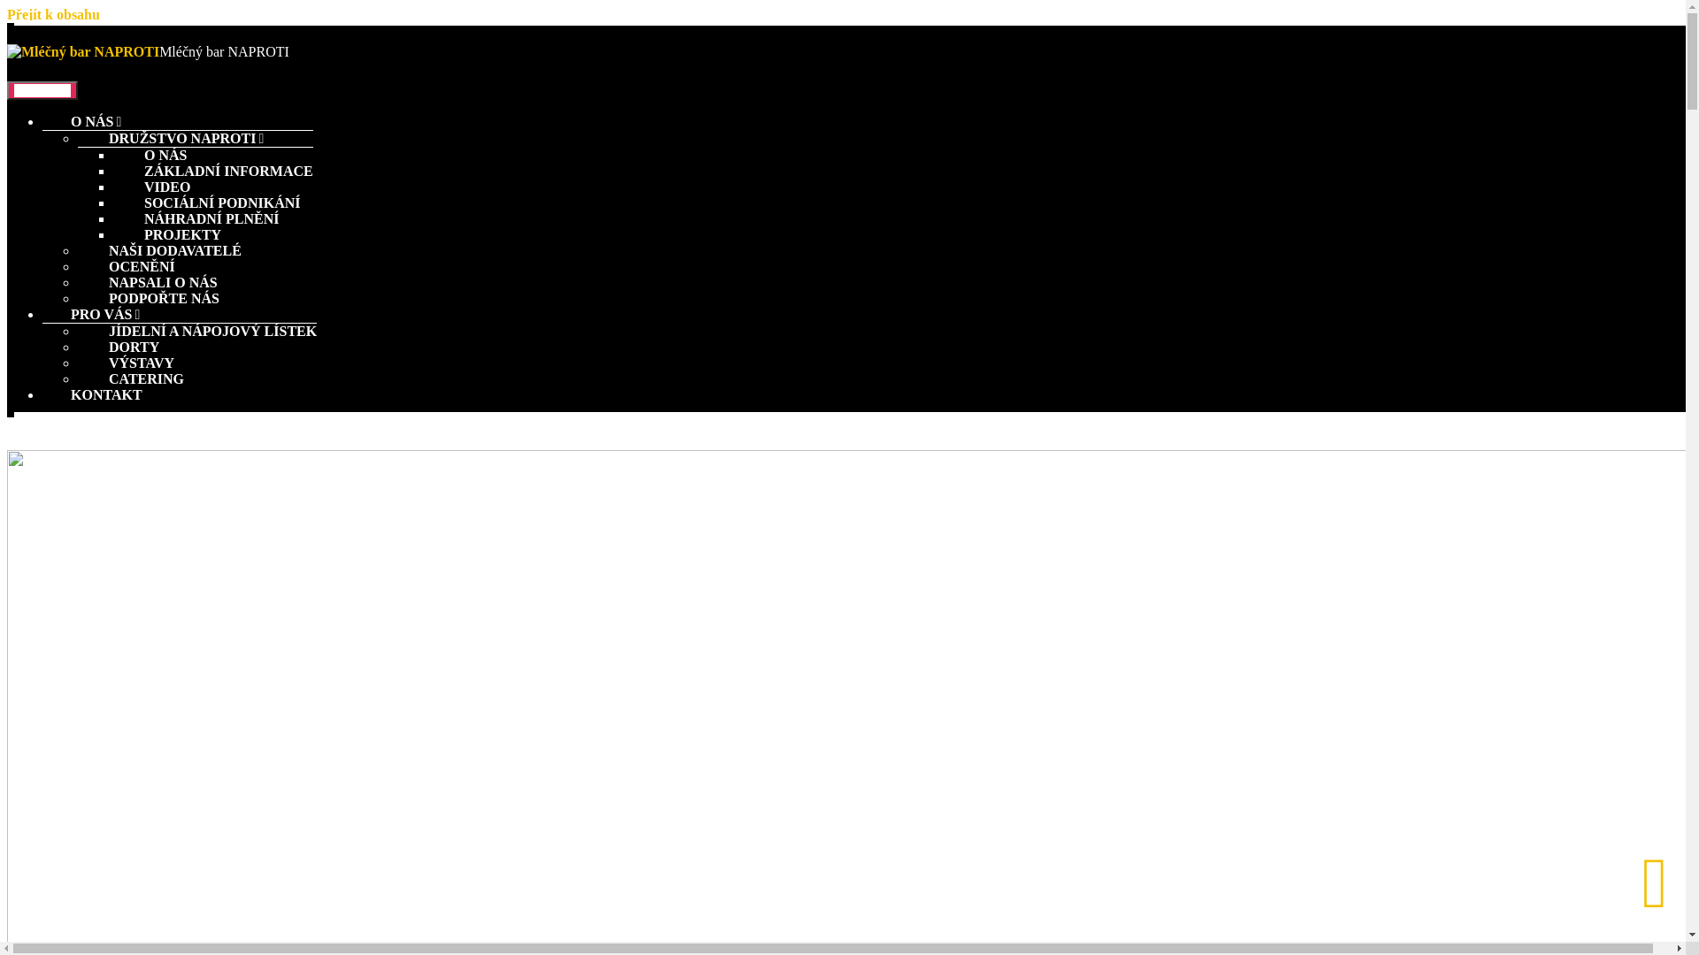  Describe the element at coordinates (166, 233) in the screenshot. I see `'PROJEKTY'` at that location.